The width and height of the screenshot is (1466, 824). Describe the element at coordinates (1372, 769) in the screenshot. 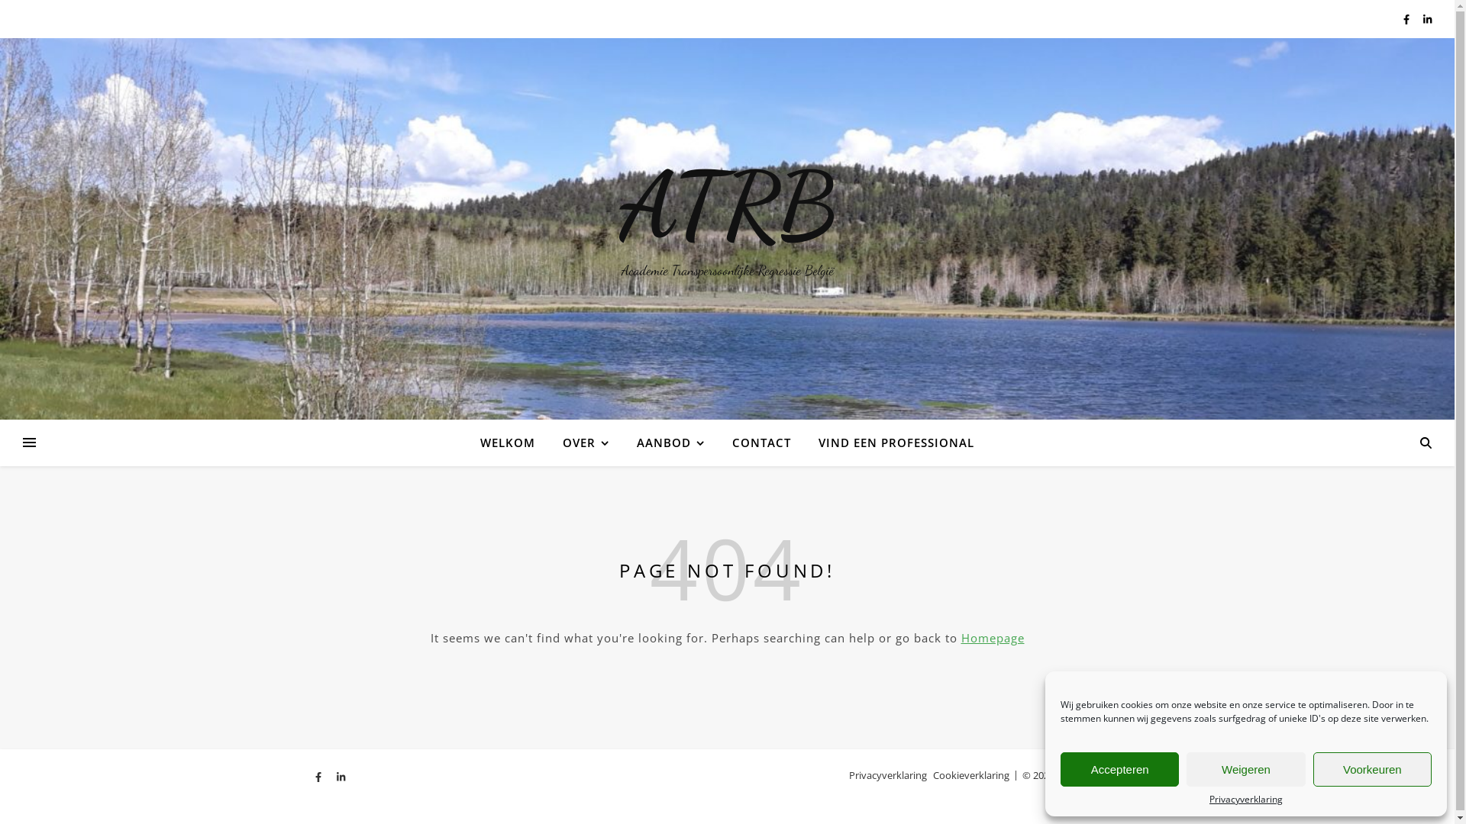

I see `'Voorkeuren'` at that location.